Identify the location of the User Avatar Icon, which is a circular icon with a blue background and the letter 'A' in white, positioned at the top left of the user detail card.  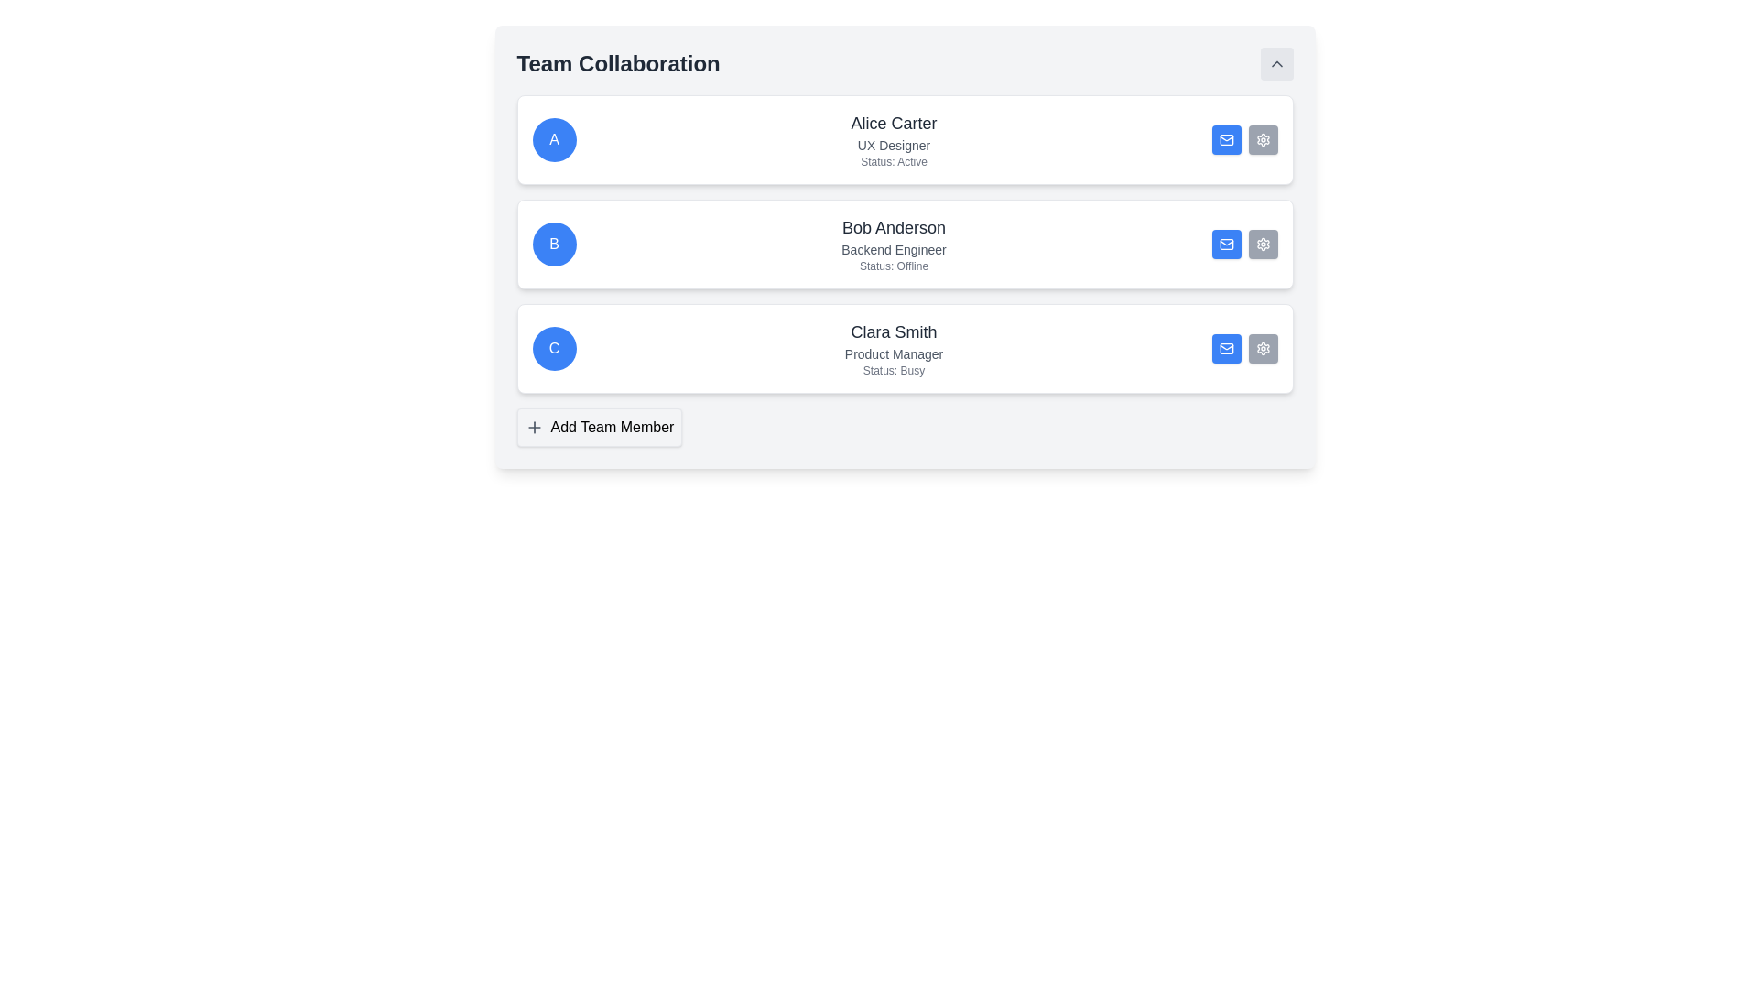
(553, 139).